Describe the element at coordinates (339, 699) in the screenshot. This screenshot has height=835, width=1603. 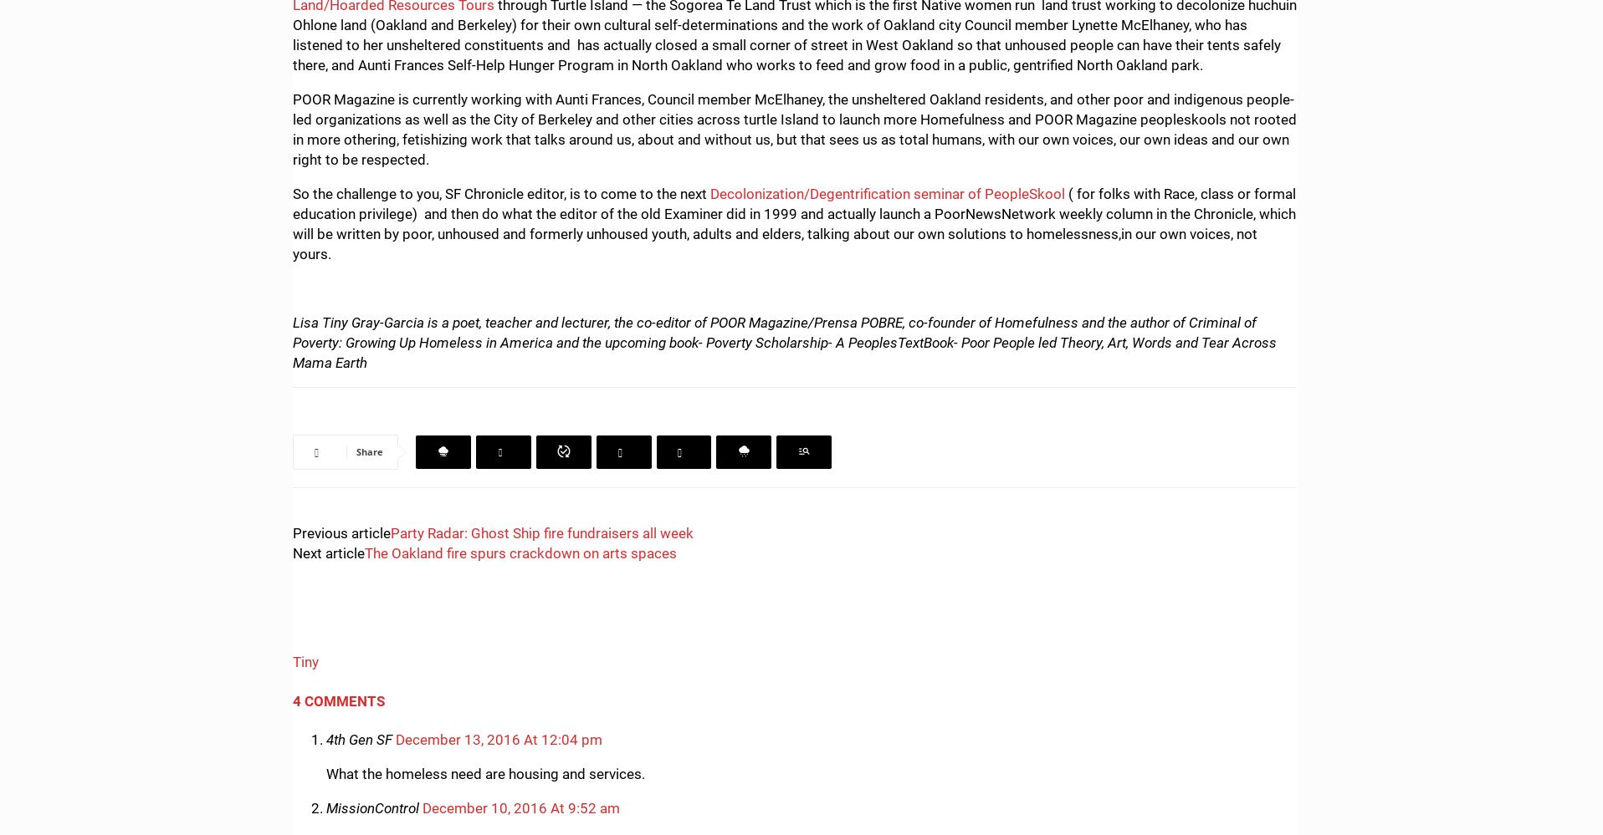
I see `'4 COMMENTS'` at that location.